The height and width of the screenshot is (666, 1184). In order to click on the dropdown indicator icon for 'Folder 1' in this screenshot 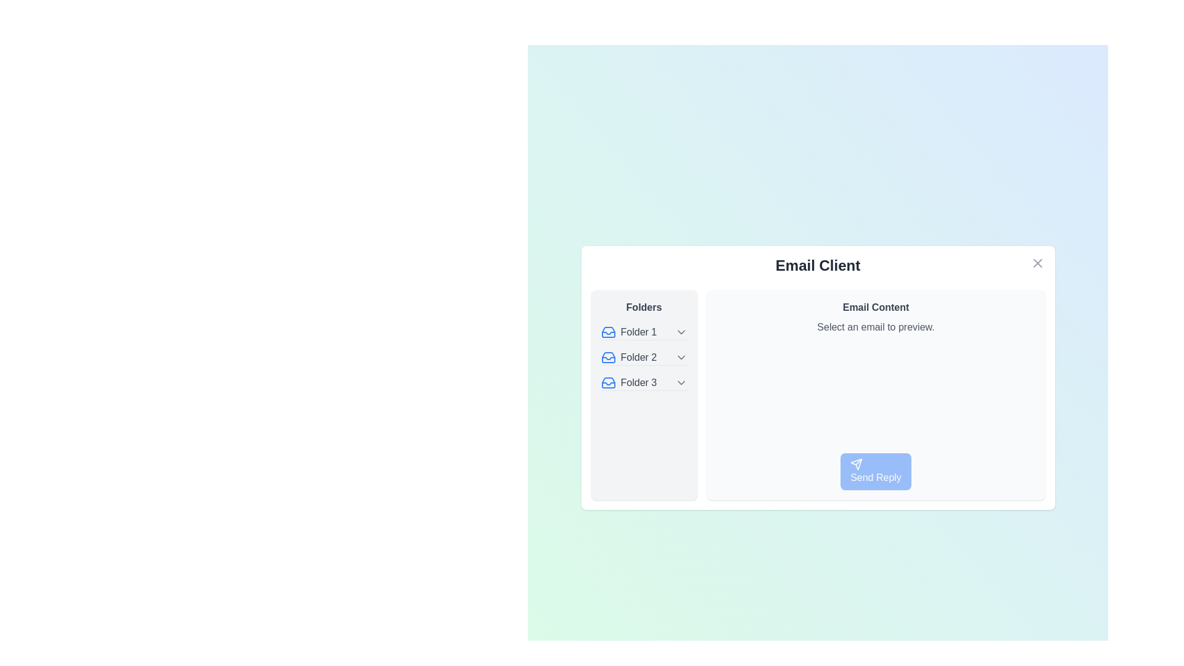, I will do `click(680, 332)`.